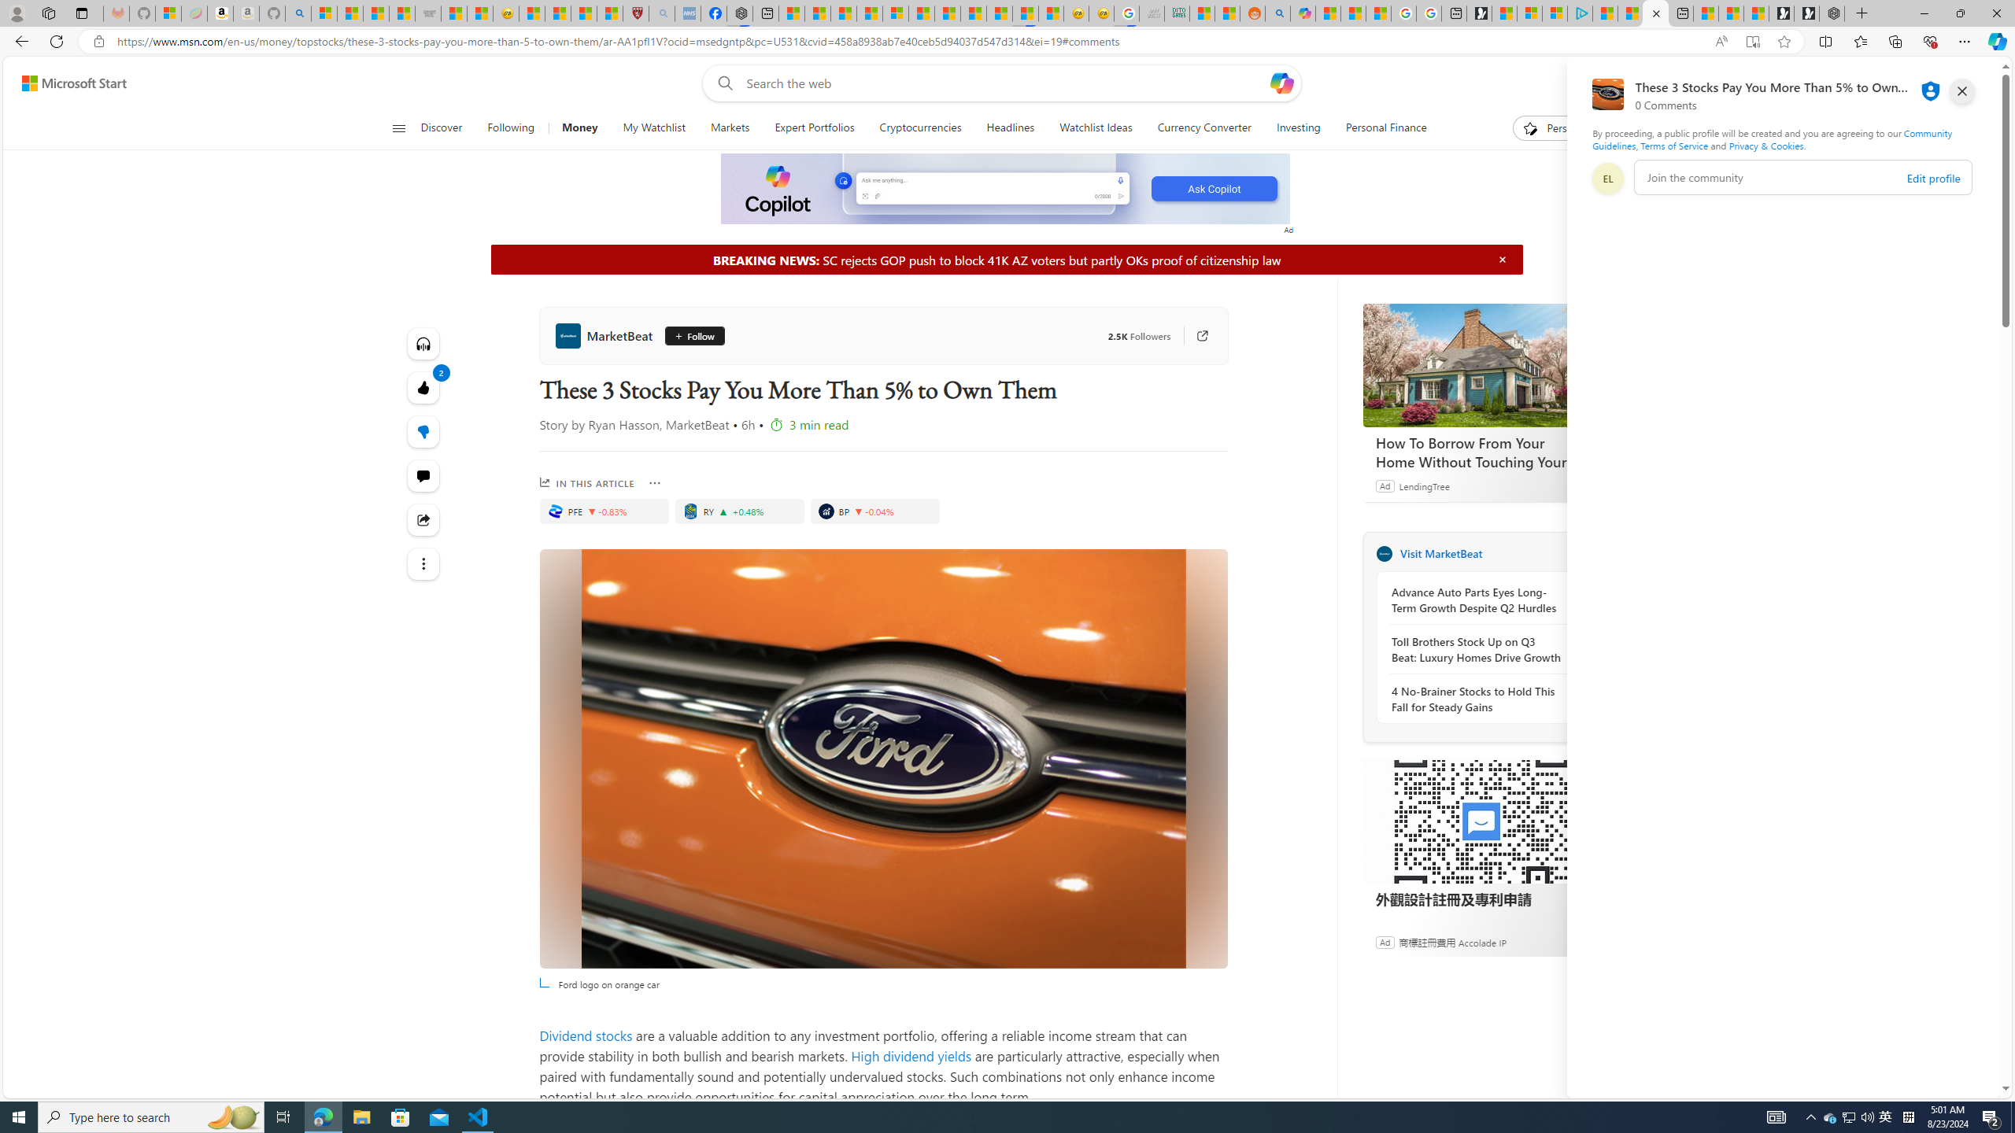 The width and height of the screenshot is (2015, 1133). I want to click on '2 Like', so click(423, 386).